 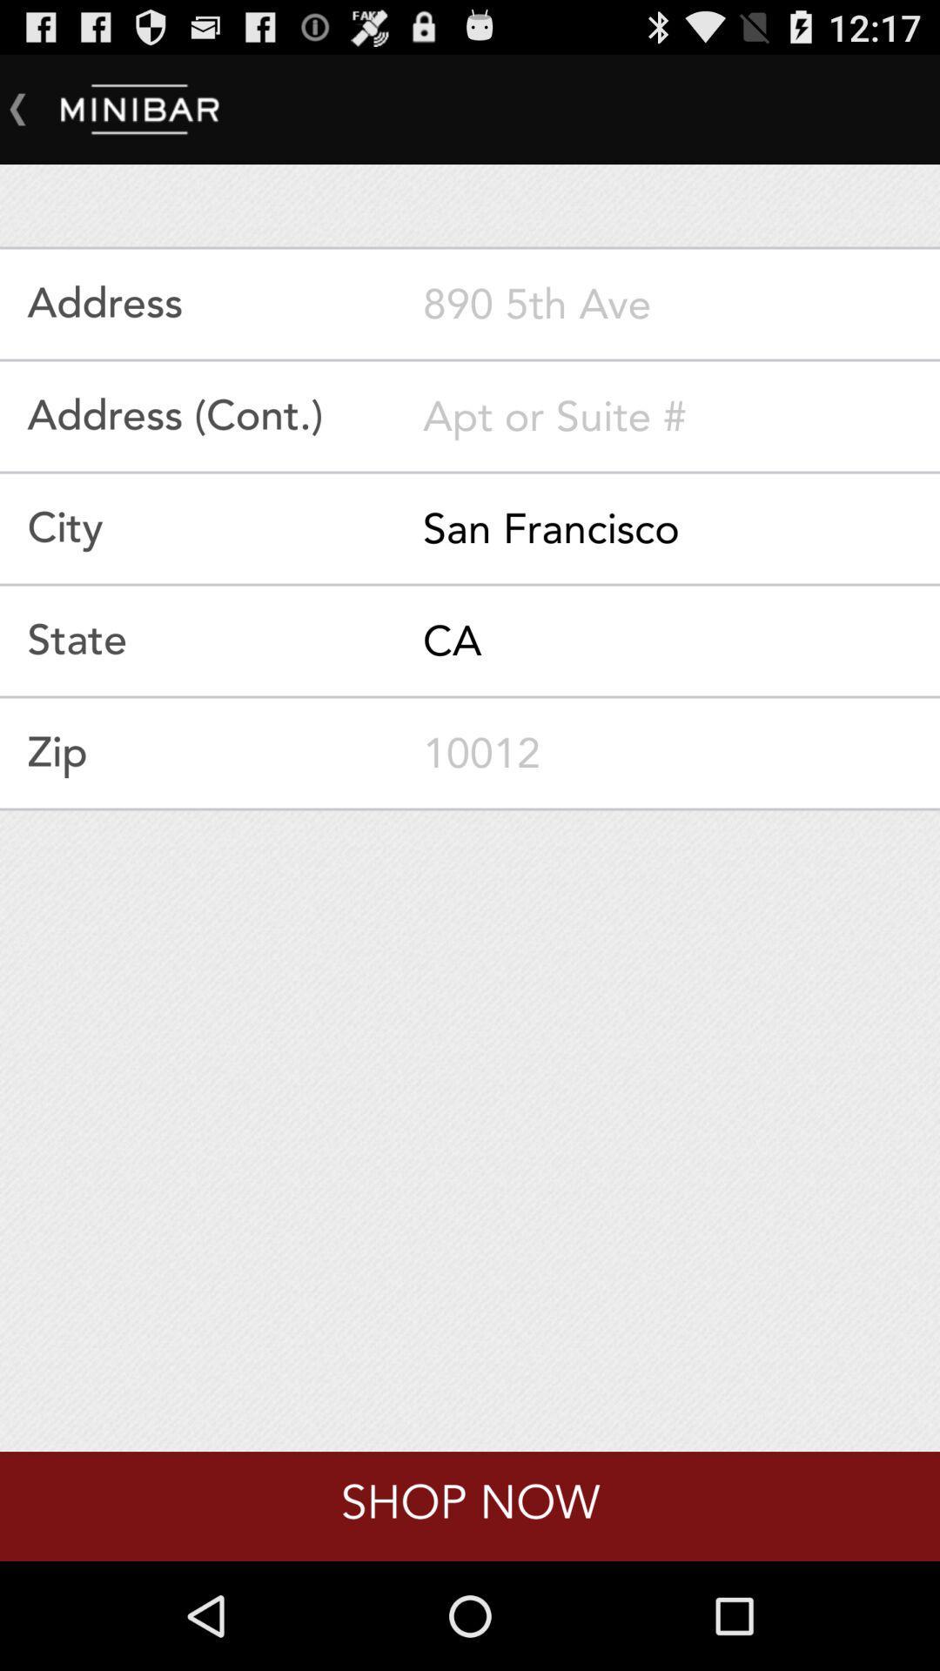 What do you see at coordinates (681, 753) in the screenshot?
I see `zip code` at bounding box center [681, 753].